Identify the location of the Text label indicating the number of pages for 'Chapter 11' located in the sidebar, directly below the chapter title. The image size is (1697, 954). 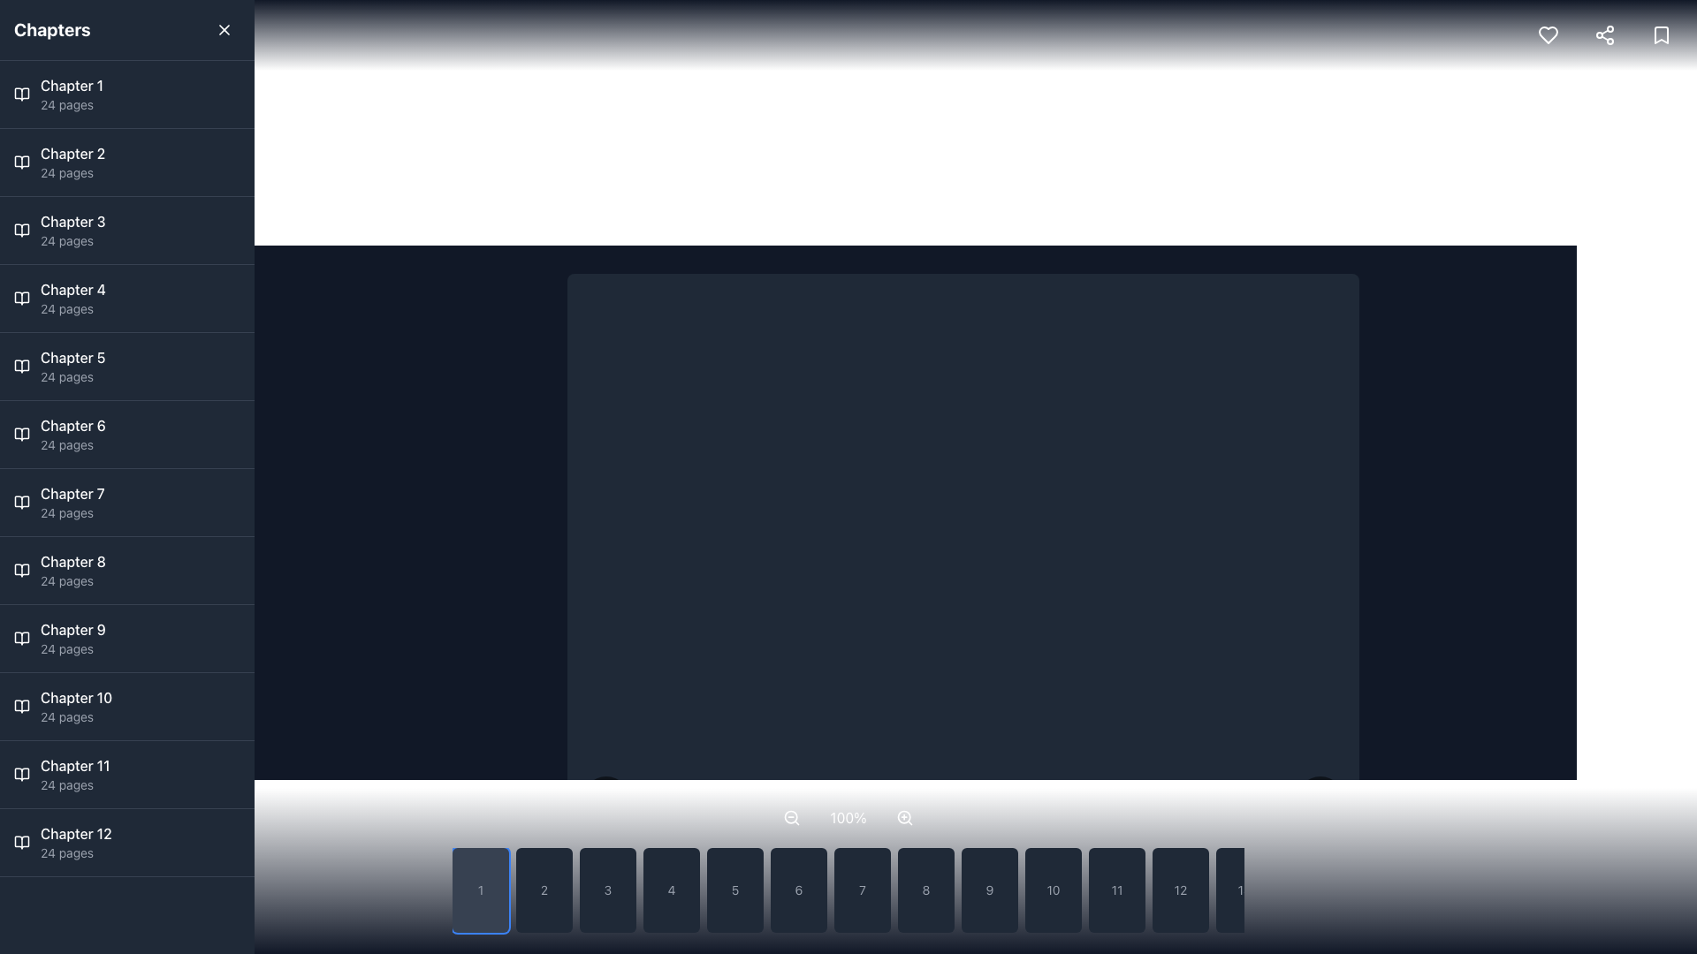
(74, 784).